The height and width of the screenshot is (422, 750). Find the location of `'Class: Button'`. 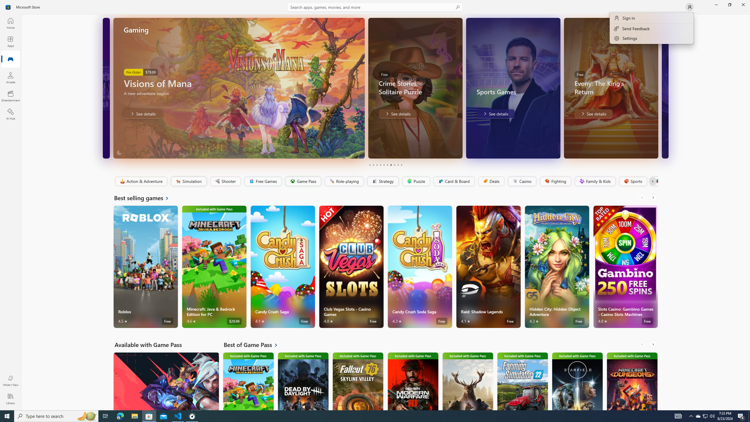

'Class: Button' is located at coordinates (652, 181).